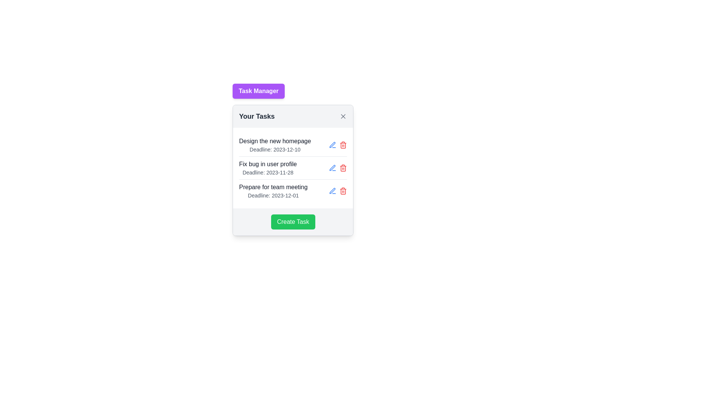  What do you see at coordinates (343, 116) in the screenshot?
I see `the 'X' symbol on the close button at the top-right corner of the 'Your Tasks' card` at bounding box center [343, 116].